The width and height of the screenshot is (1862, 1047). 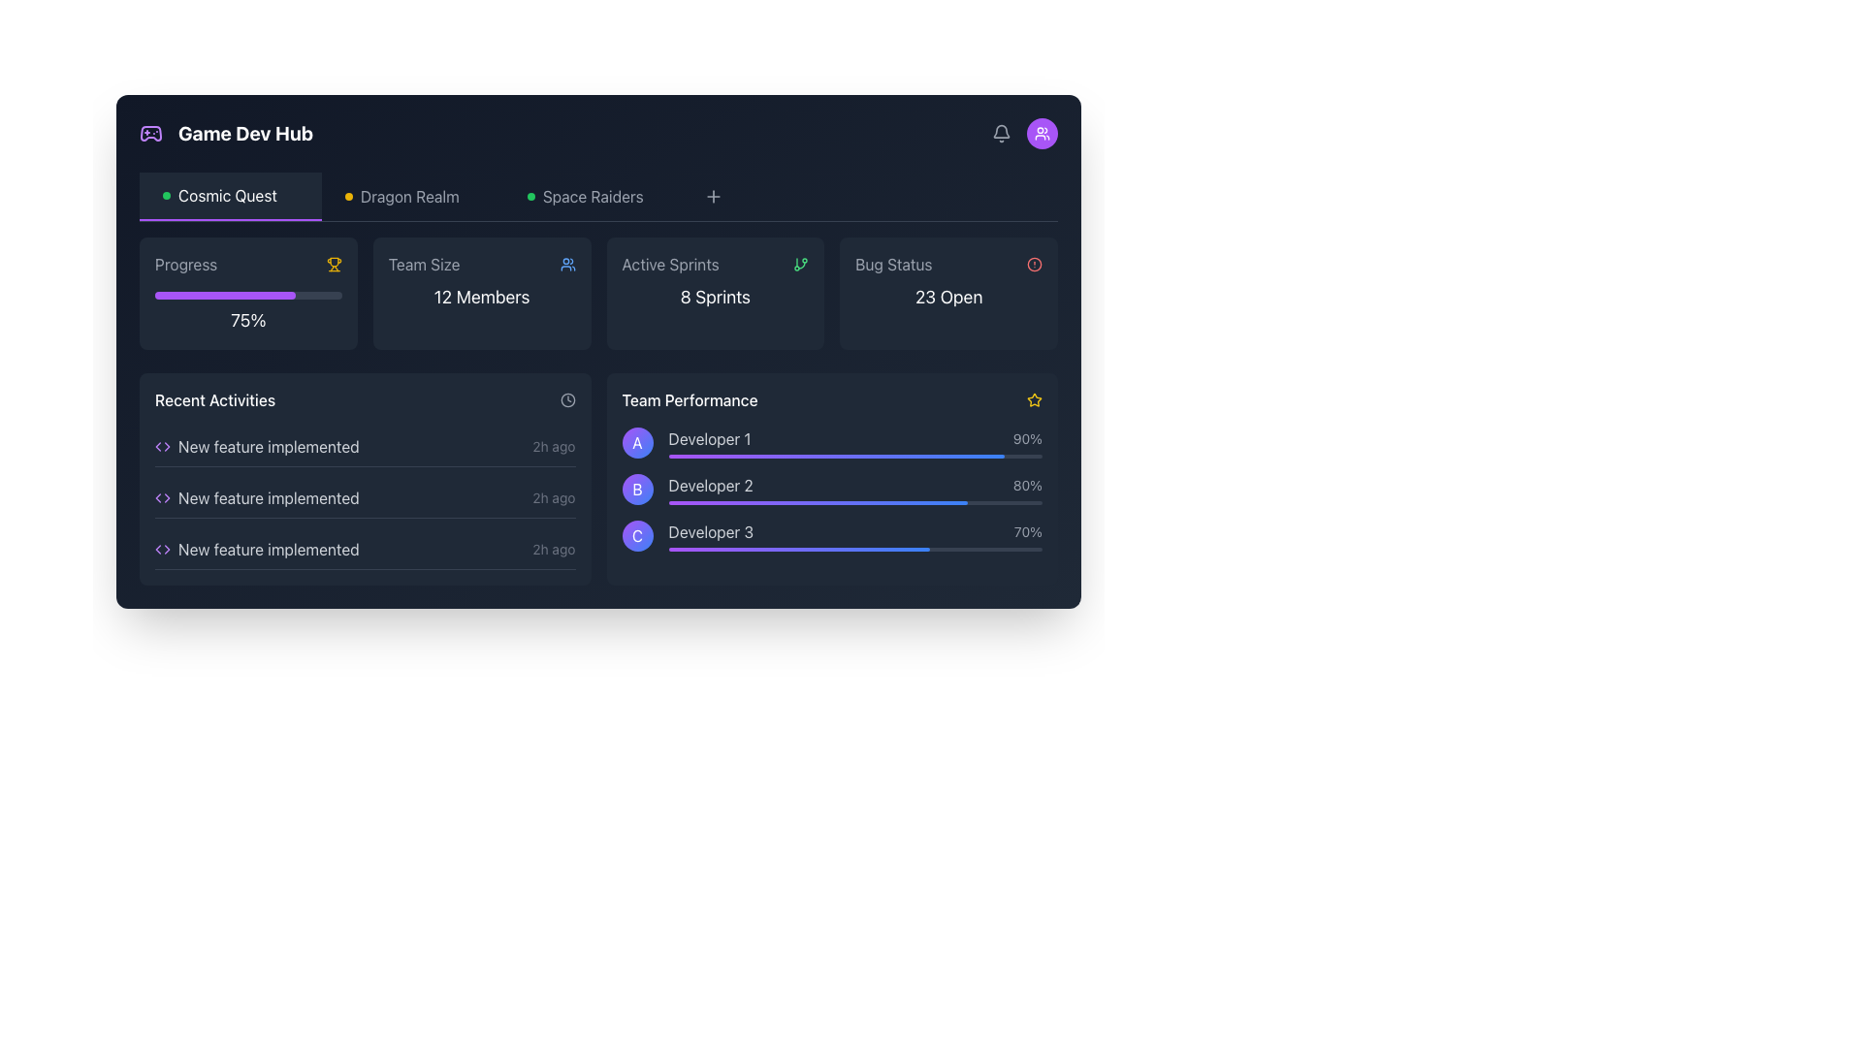 What do you see at coordinates (948, 294) in the screenshot?
I see `the Information Card that serves as a status indicator for bugs, located in the top-right part of the grid, adjacent to the 'Active Sprints' and 'Team Size' blocks` at bounding box center [948, 294].